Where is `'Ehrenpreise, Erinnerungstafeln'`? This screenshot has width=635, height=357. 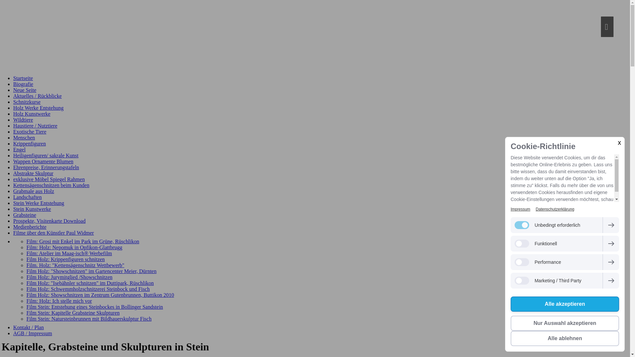 'Ehrenpreise, Erinnerungstafeln' is located at coordinates (46, 167).